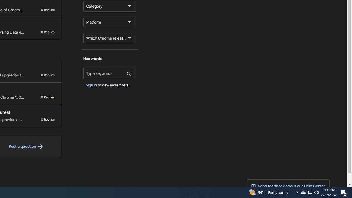 The height and width of the screenshot is (198, 352). Describe the element at coordinates (288, 186) in the screenshot. I see `' Send feedback about our Help Center'` at that location.